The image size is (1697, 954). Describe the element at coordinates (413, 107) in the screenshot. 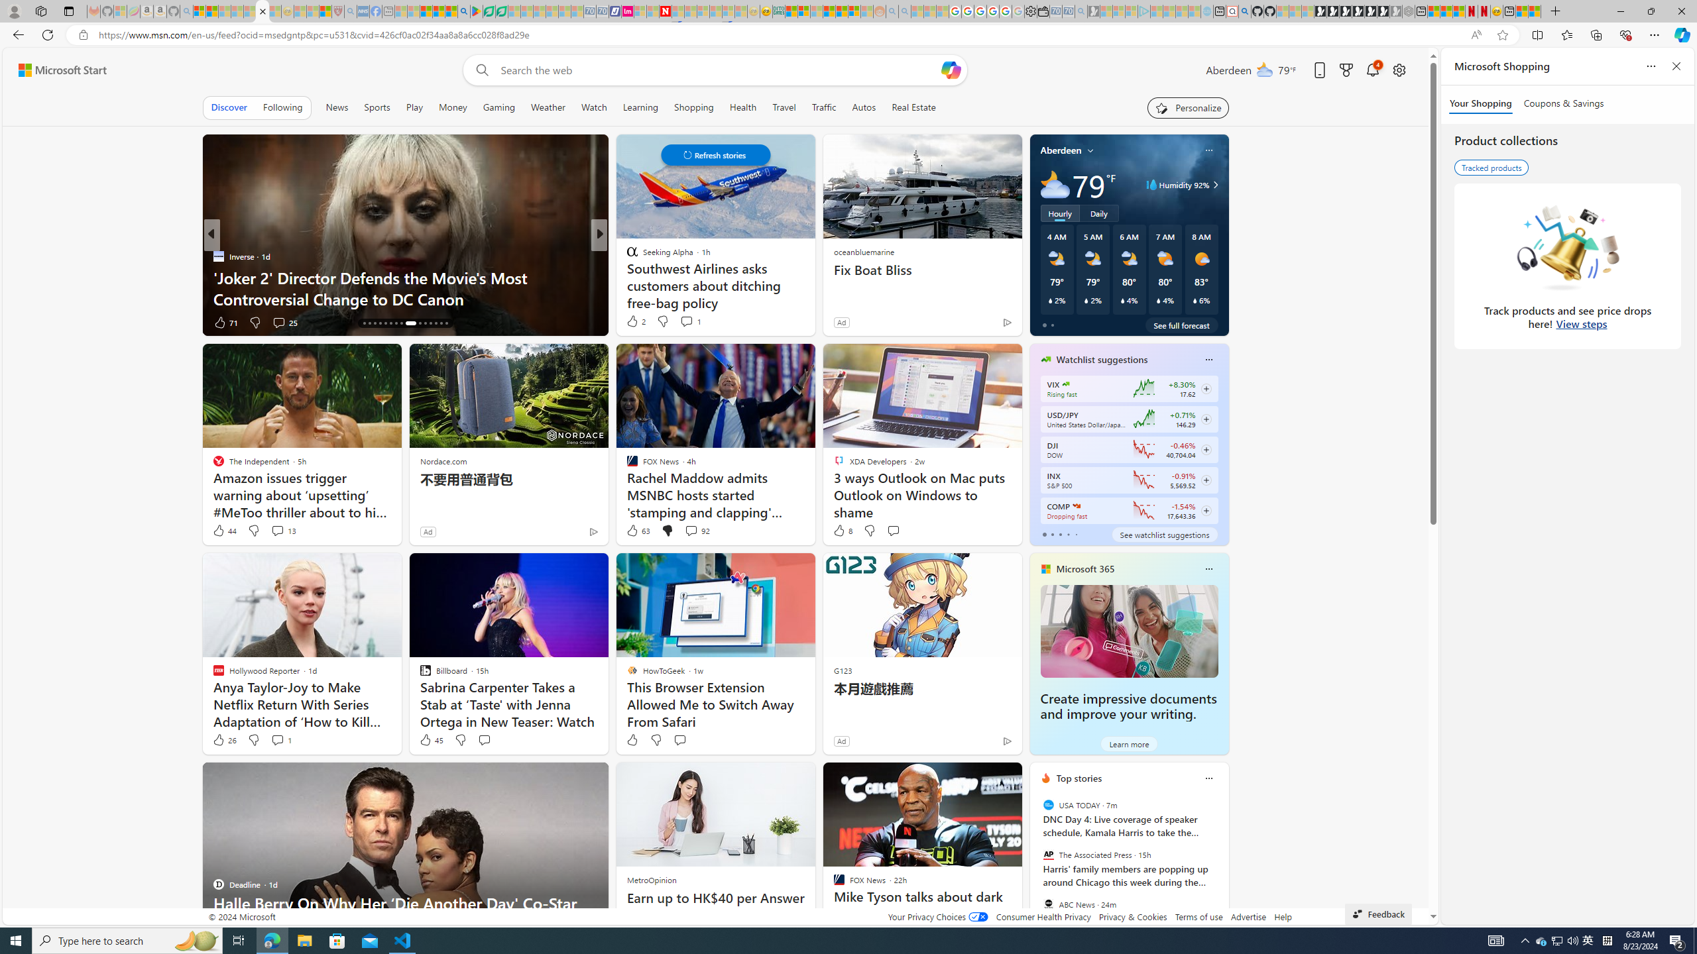

I see `'Play'` at that location.